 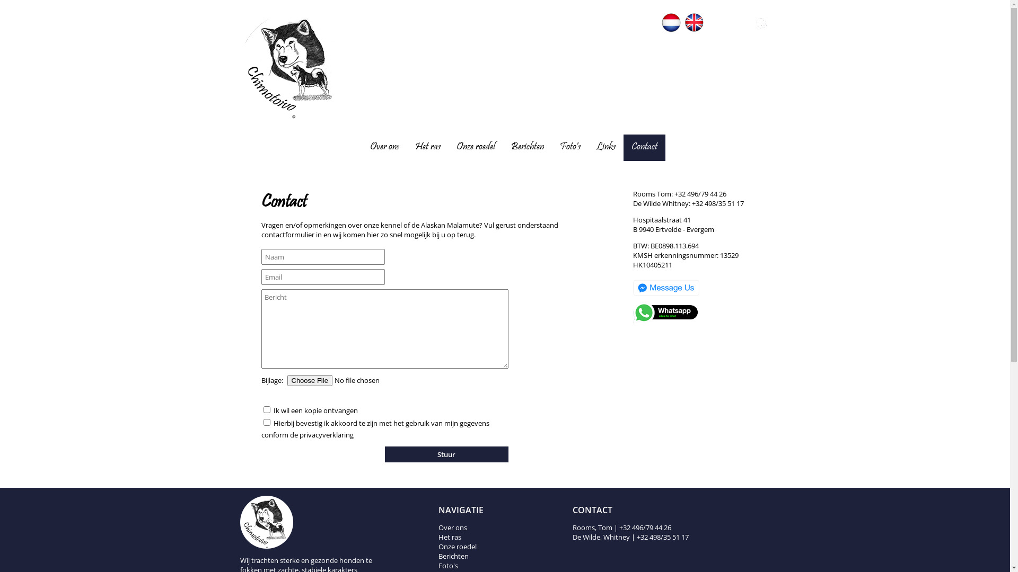 I want to click on 'Bekijk Chimotoivo in het Nederlands', so click(x=671, y=29).